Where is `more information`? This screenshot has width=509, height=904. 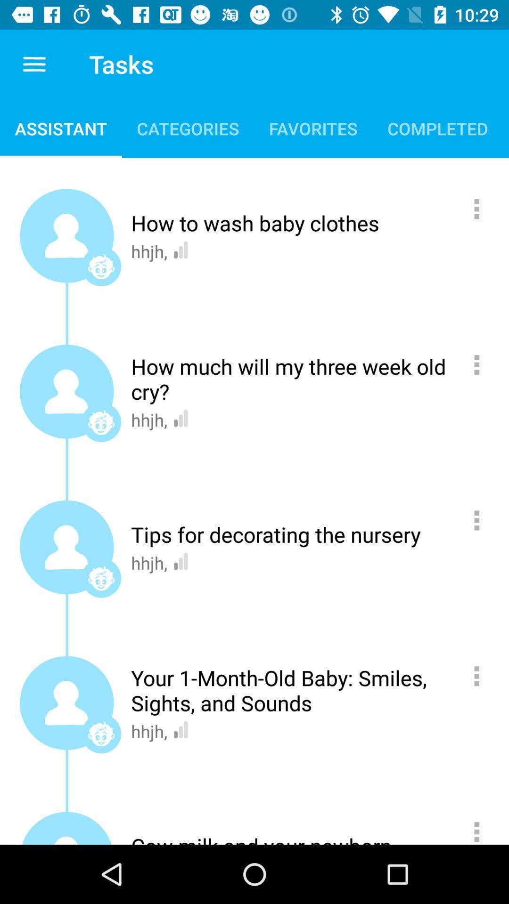
more information is located at coordinates (482, 676).